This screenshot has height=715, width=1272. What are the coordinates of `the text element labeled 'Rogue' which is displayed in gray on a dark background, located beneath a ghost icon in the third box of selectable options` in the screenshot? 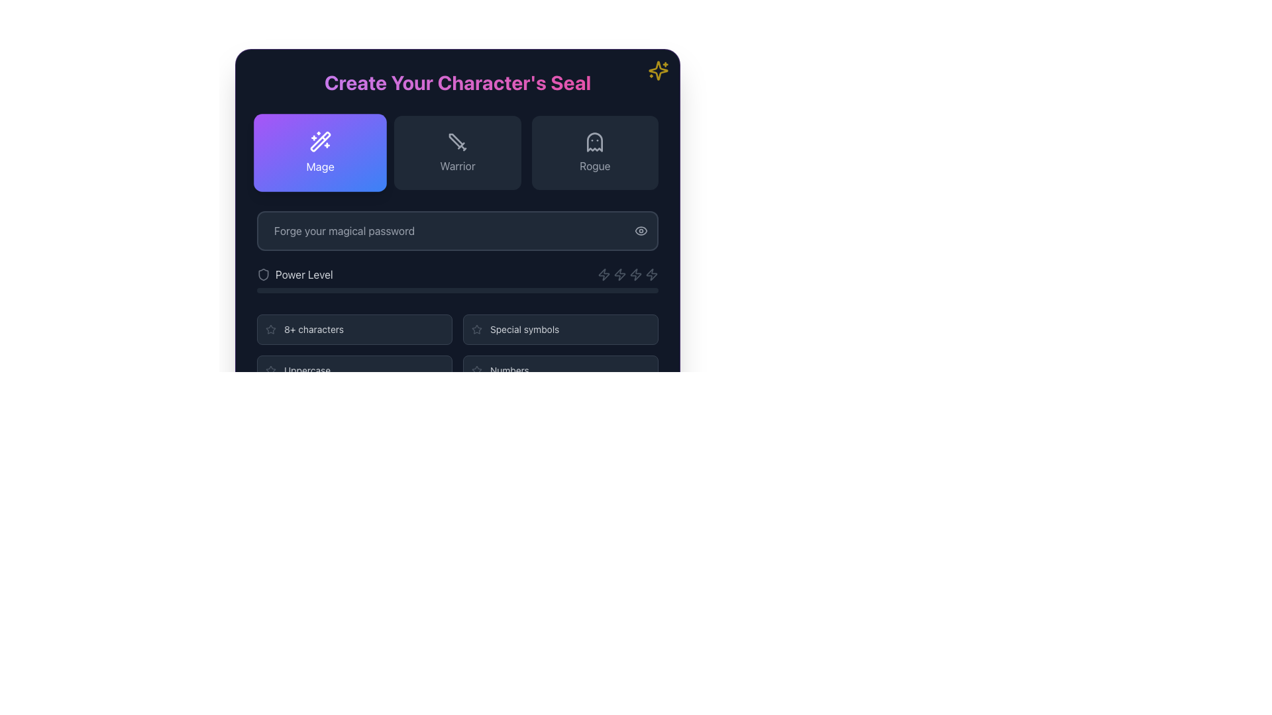 It's located at (594, 165).